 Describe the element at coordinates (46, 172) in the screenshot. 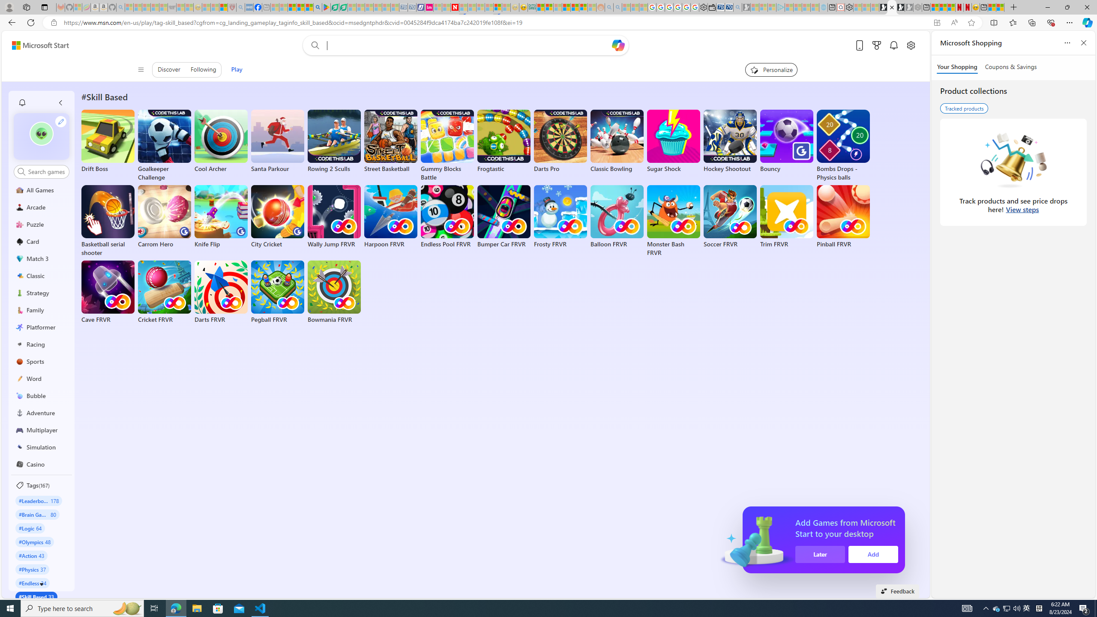

I see `'AutomationID: control'` at that location.